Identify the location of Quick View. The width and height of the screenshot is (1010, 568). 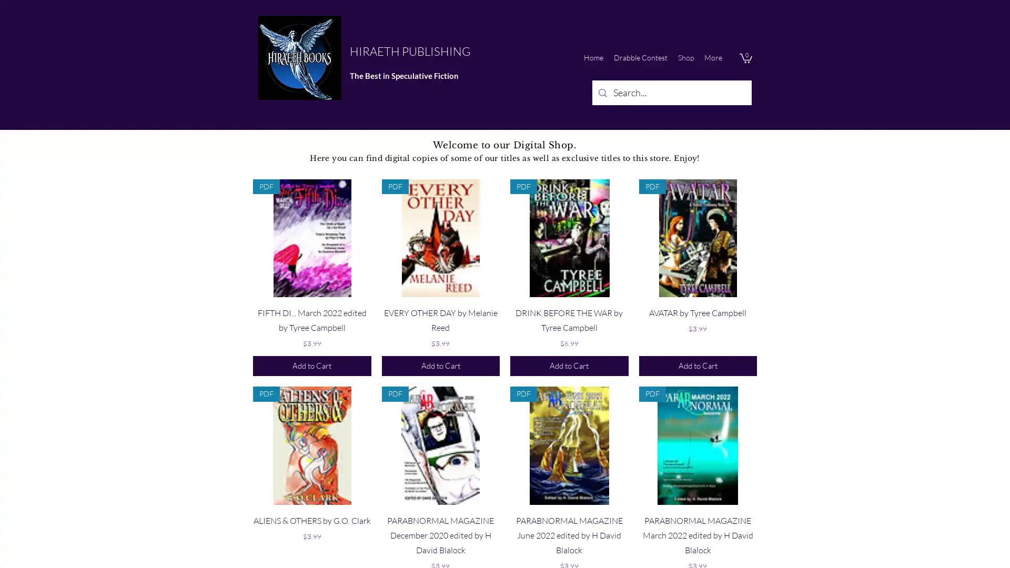
(698, 516).